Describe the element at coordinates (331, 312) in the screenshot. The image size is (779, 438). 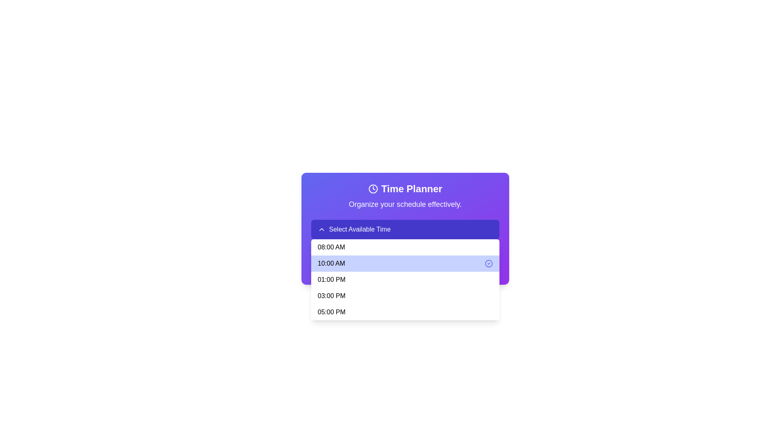
I see `the dropdown menu list item displaying '05:00 PM'` at that location.